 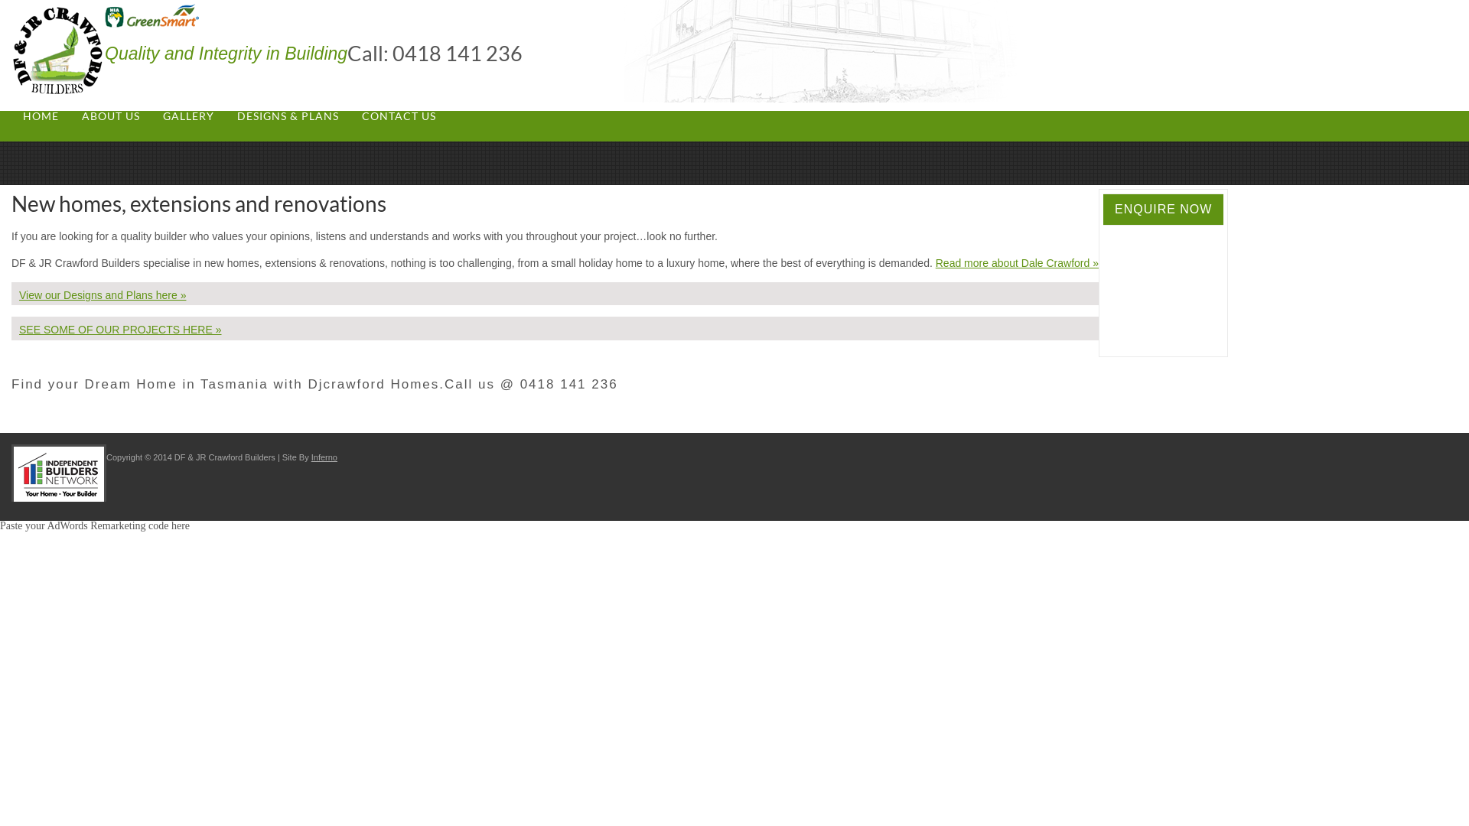 What do you see at coordinates (151, 15) in the screenshot?
I see `'GreenSmart'` at bounding box center [151, 15].